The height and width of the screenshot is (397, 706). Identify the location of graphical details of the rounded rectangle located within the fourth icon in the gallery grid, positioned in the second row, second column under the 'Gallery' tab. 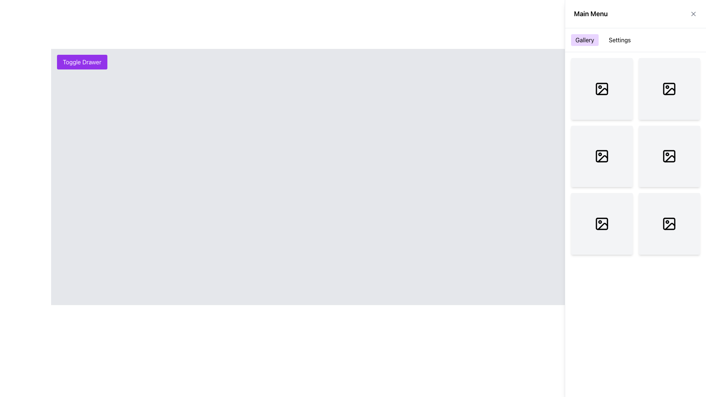
(669, 156).